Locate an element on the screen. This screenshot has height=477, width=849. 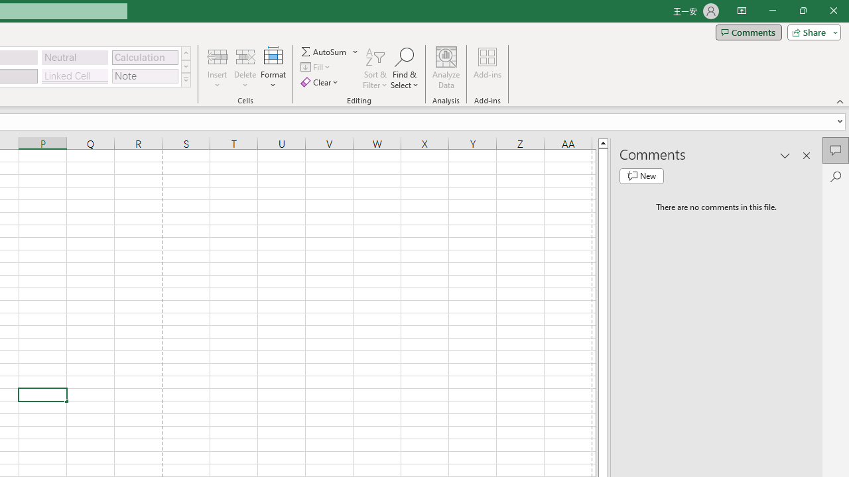
'AutoSum' is located at coordinates (330, 51).